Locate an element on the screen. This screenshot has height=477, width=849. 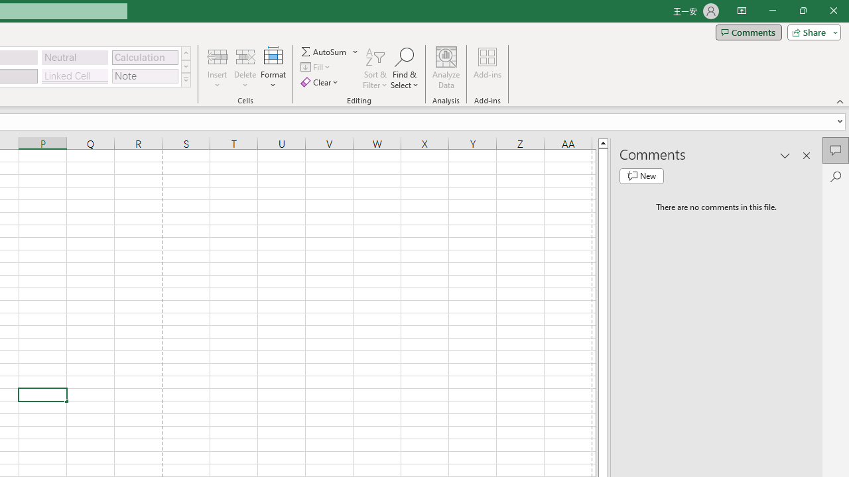
'AutoSum' is located at coordinates (330, 51).